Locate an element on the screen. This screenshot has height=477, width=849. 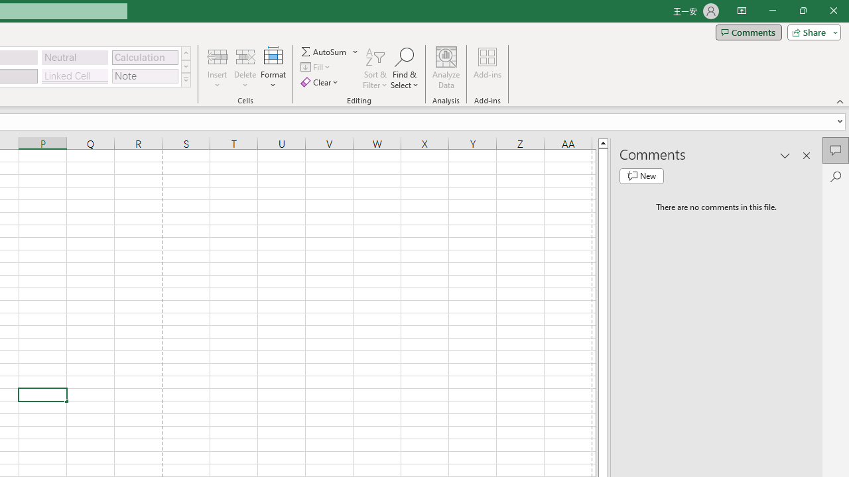
'AutoSum' is located at coordinates (330, 51).